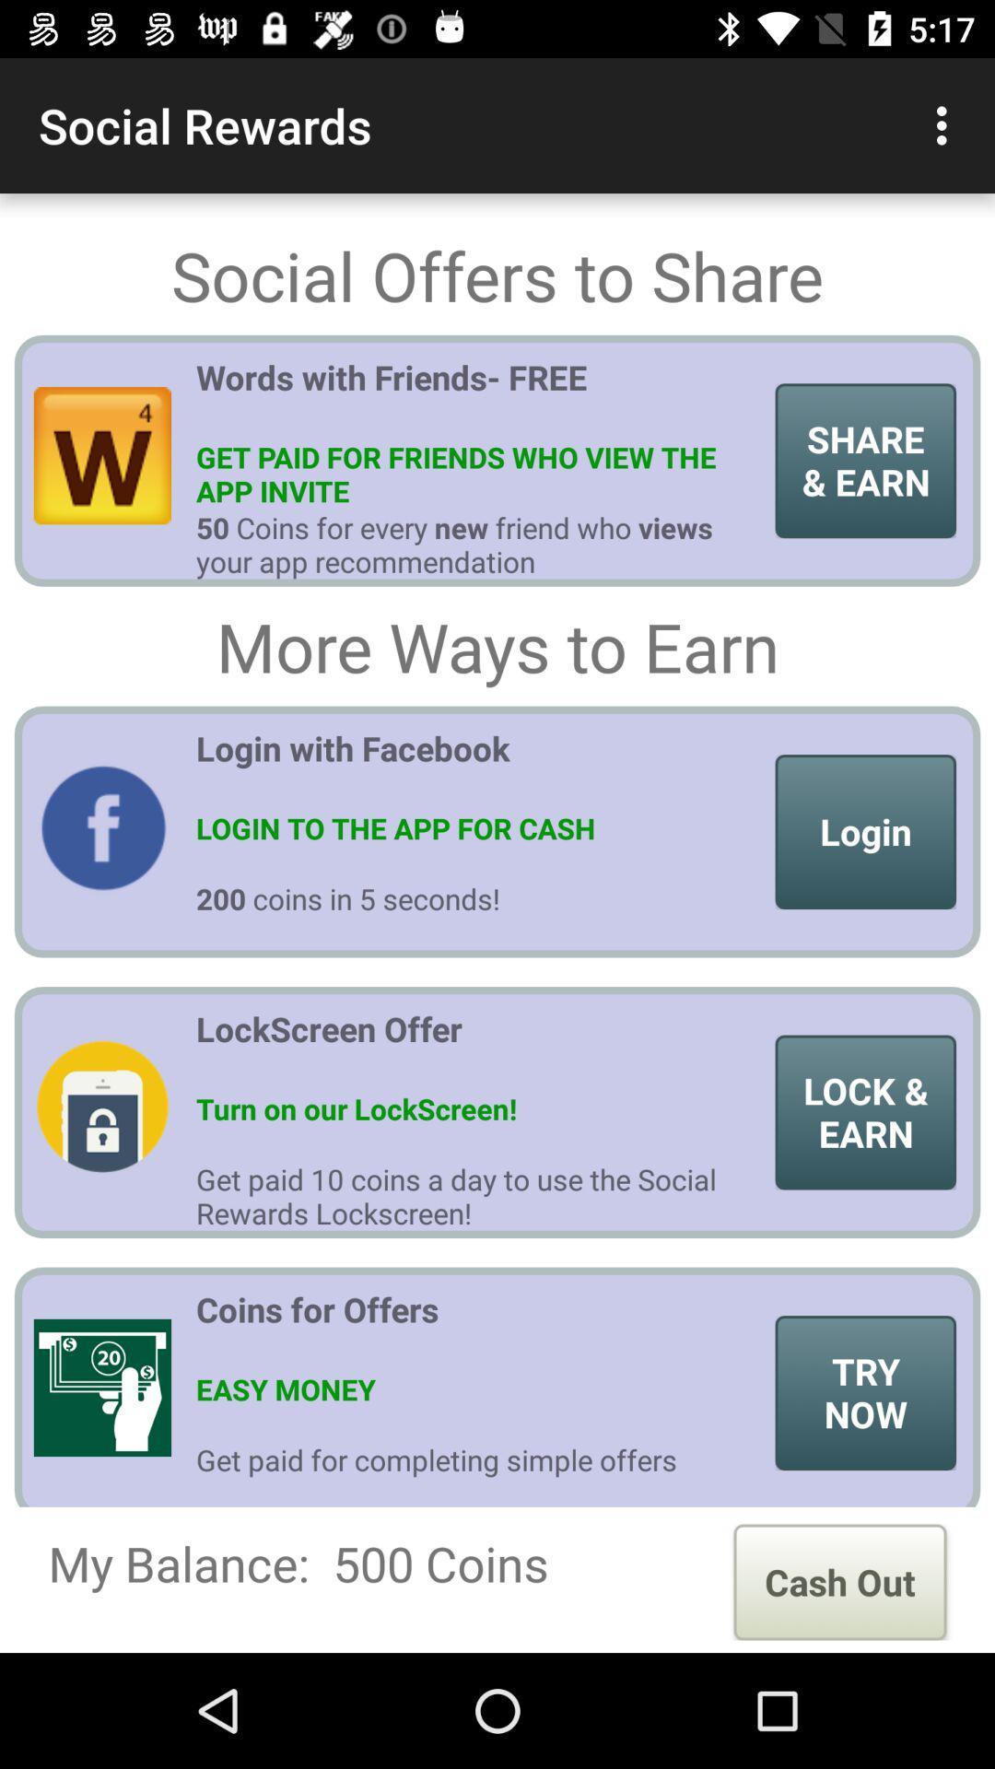  I want to click on item below the get paid for item, so click(839, 1581).